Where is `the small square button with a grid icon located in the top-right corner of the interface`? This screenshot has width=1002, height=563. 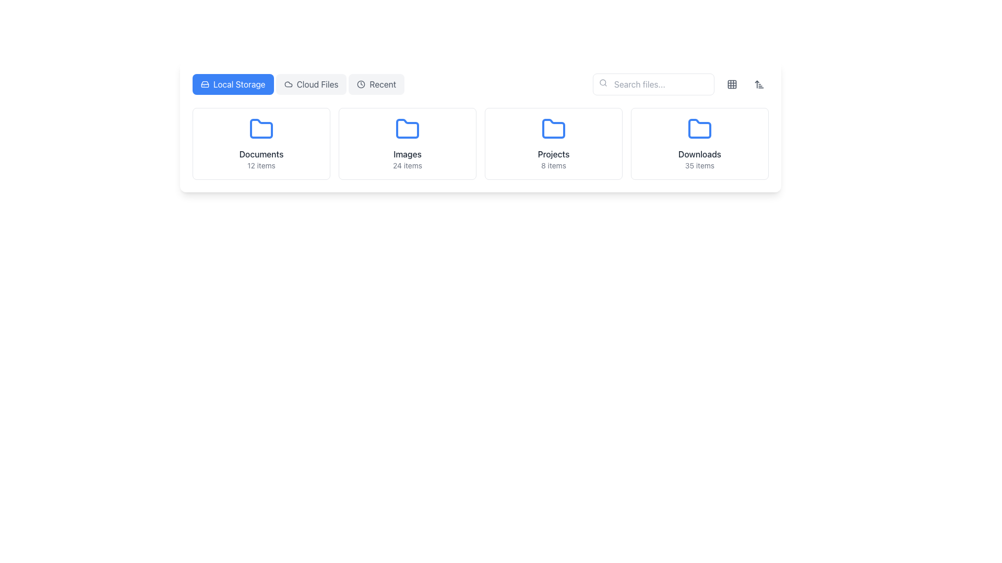
the small square button with a grid icon located in the top-right corner of the interface is located at coordinates (731, 84).